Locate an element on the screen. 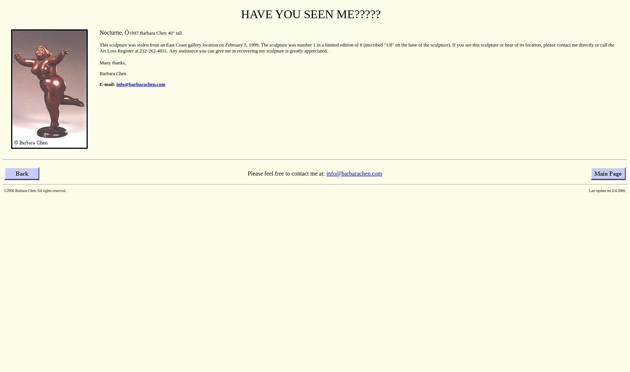  'HAVE YOU SEEN ME?????' is located at coordinates (310, 14).